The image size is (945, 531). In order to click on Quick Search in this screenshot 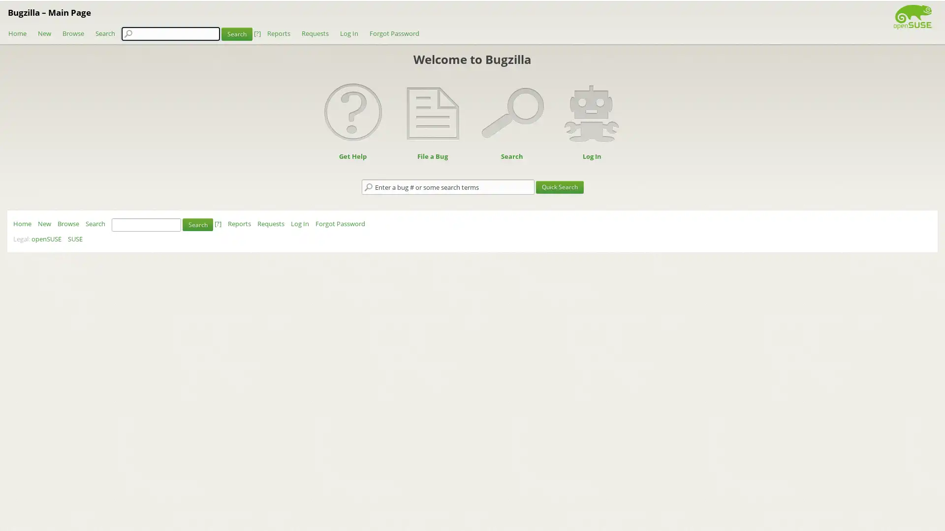, I will do `click(559, 187)`.